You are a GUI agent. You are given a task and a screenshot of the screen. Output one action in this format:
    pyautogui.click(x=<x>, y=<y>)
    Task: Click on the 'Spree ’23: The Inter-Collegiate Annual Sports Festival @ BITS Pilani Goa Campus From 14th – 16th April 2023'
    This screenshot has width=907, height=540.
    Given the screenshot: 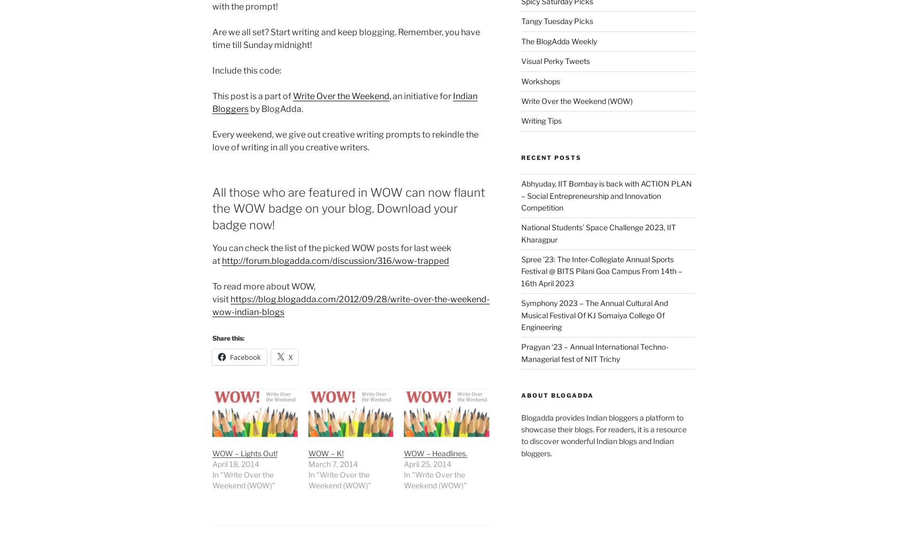 What is the action you would take?
    pyautogui.click(x=601, y=271)
    